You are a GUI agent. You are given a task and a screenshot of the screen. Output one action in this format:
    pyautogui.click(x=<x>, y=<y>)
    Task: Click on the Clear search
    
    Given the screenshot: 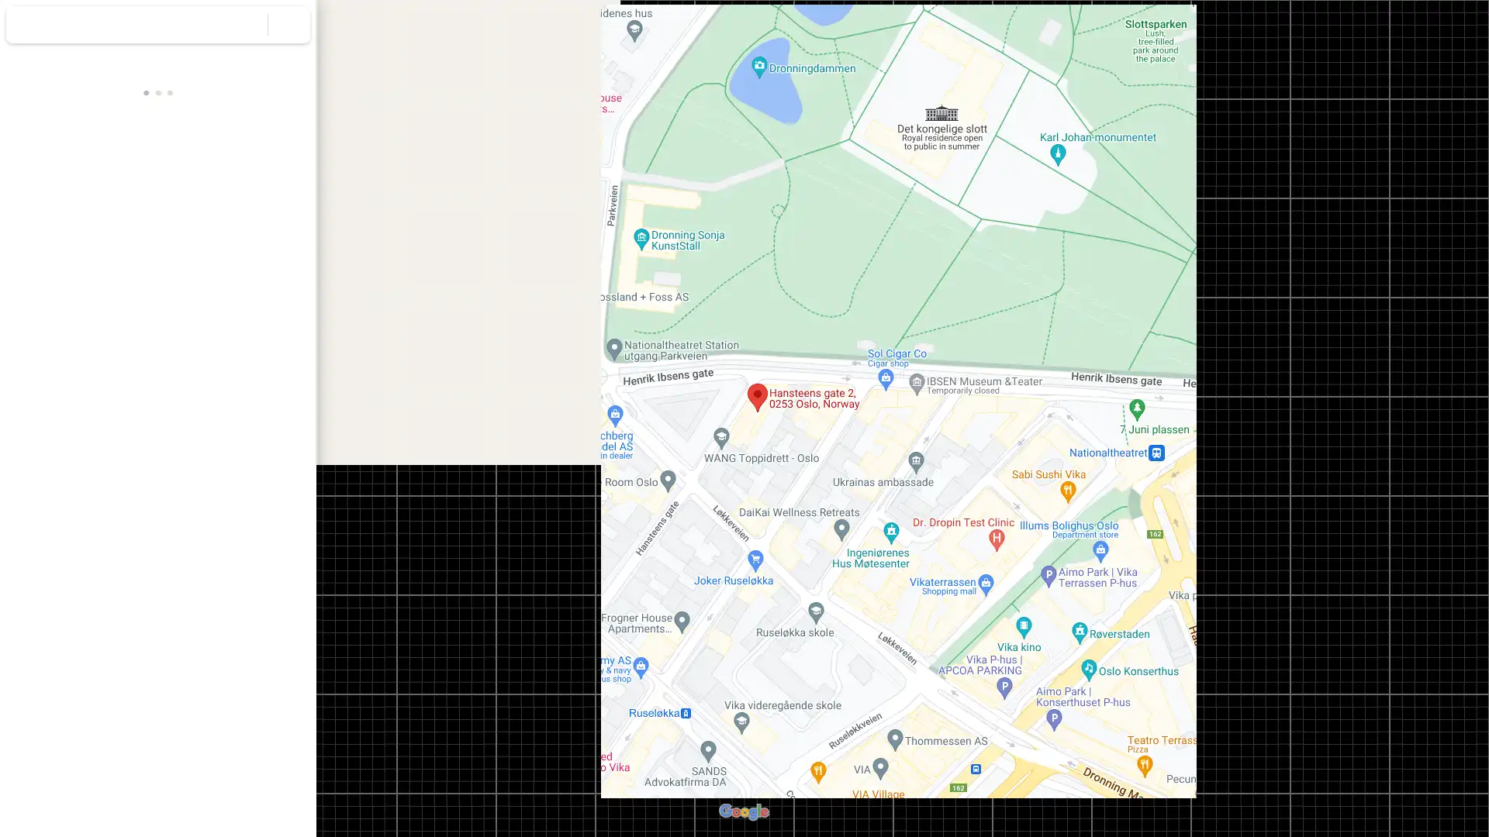 What is the action you would take?
    pyautogui.click(x=289, y=24)
    